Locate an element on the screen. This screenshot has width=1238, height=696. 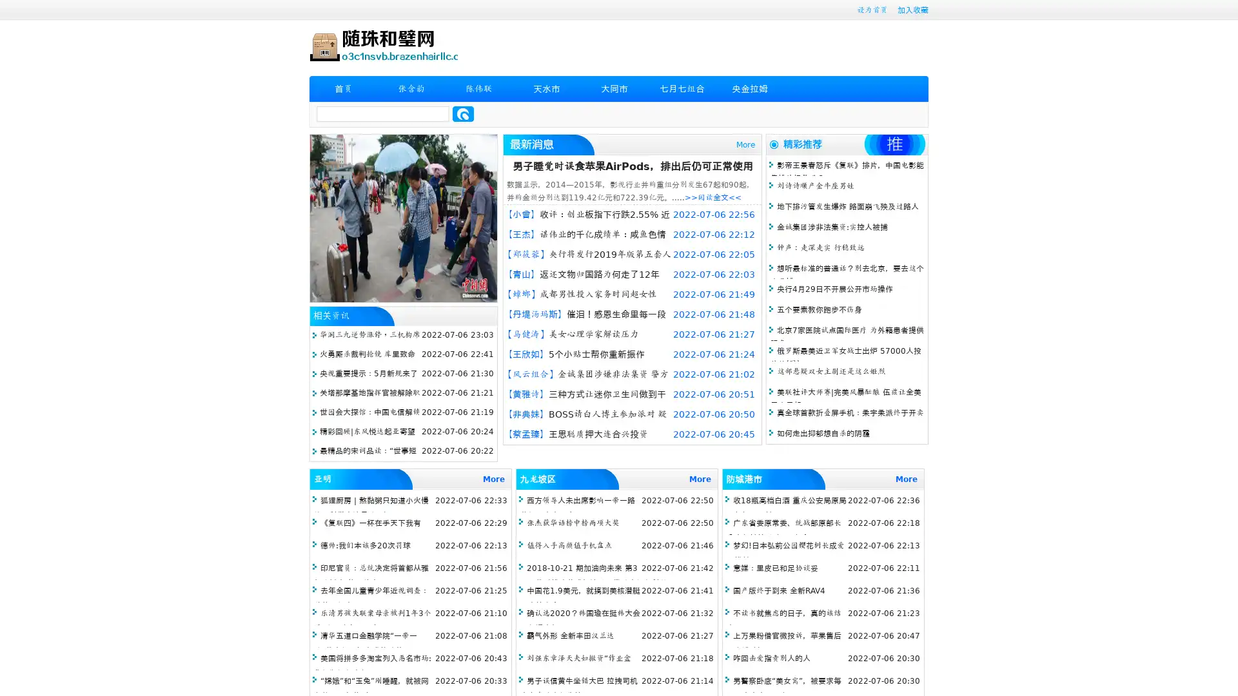
Search is located at coordinates (463, 113).